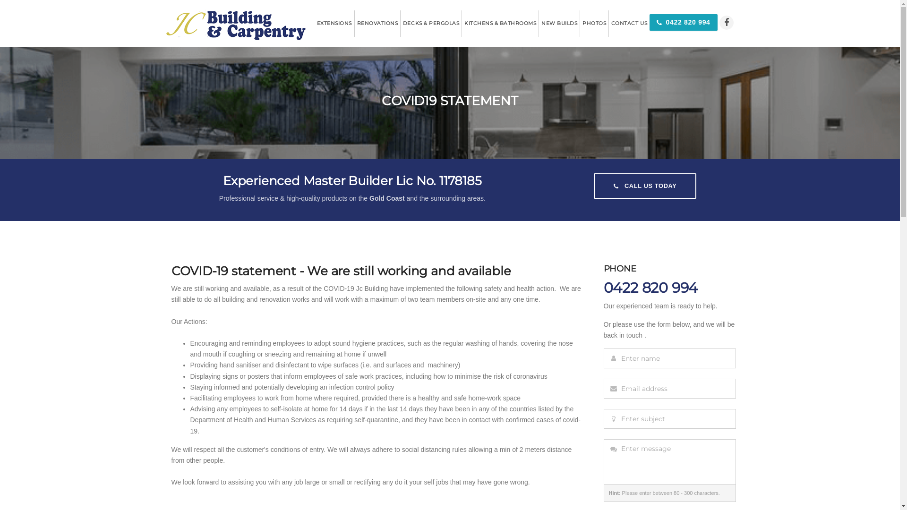  What do you see at coordinates (559, 23) in the screenshot?
I see `'NEW BUILDS'` at bounding box center [559, 23].